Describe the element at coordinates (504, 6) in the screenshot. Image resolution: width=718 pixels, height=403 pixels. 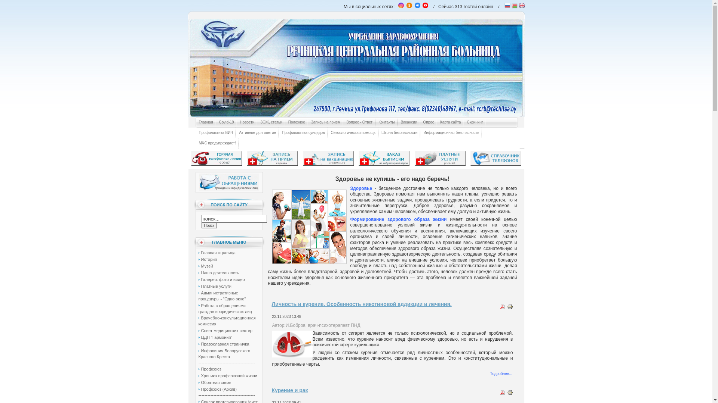
I see `'Russian'` at that location.